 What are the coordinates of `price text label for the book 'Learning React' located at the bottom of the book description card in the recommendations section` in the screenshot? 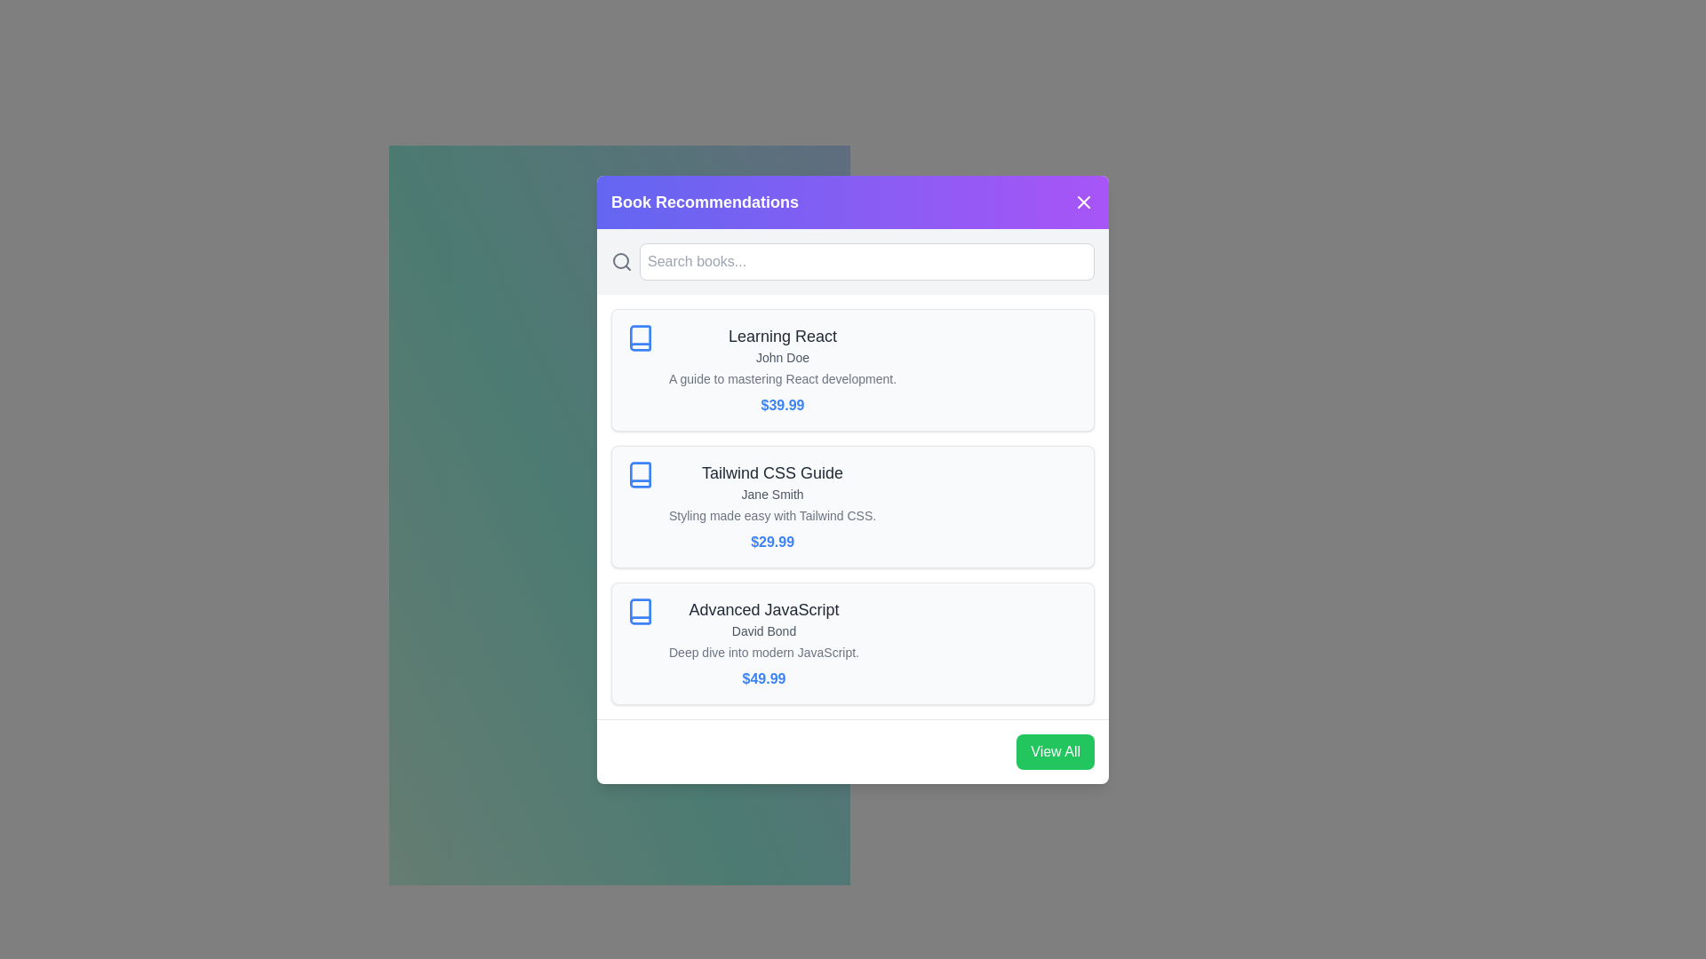 It's located at (782, 405).